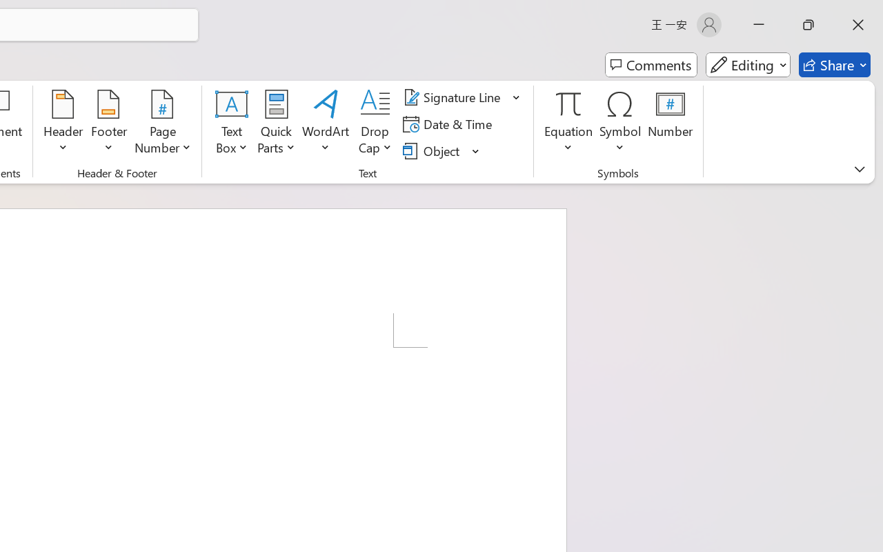 The image size is (883, 552). Describe the element at coordinates (619, 124) in the screenshot. I see `'Symbol'` at that location.